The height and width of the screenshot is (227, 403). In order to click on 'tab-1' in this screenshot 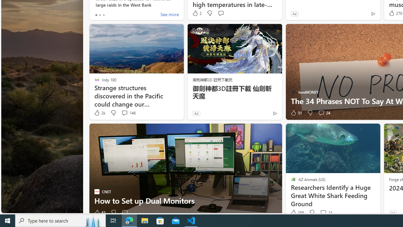, I will do `click(99, 15)`.